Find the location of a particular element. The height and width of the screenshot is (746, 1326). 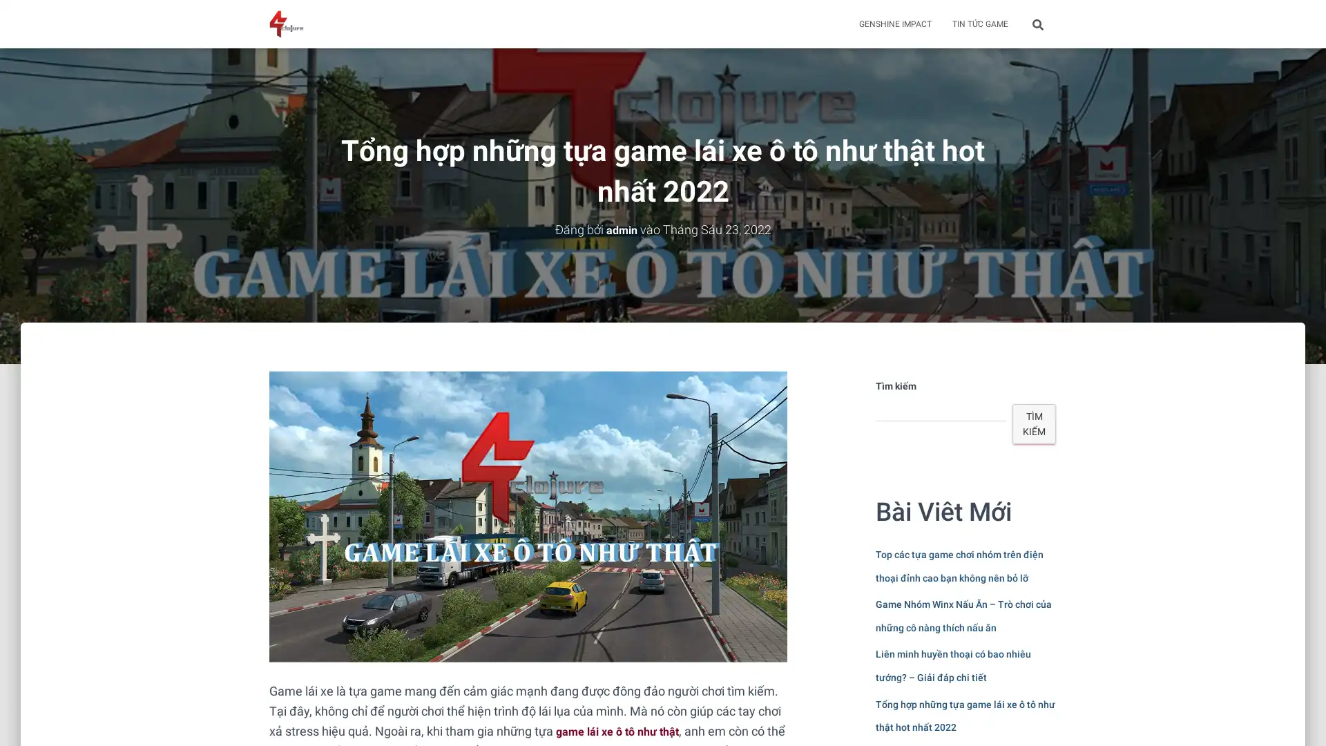

TIM KIEM is located at coordinates (1034, 423).